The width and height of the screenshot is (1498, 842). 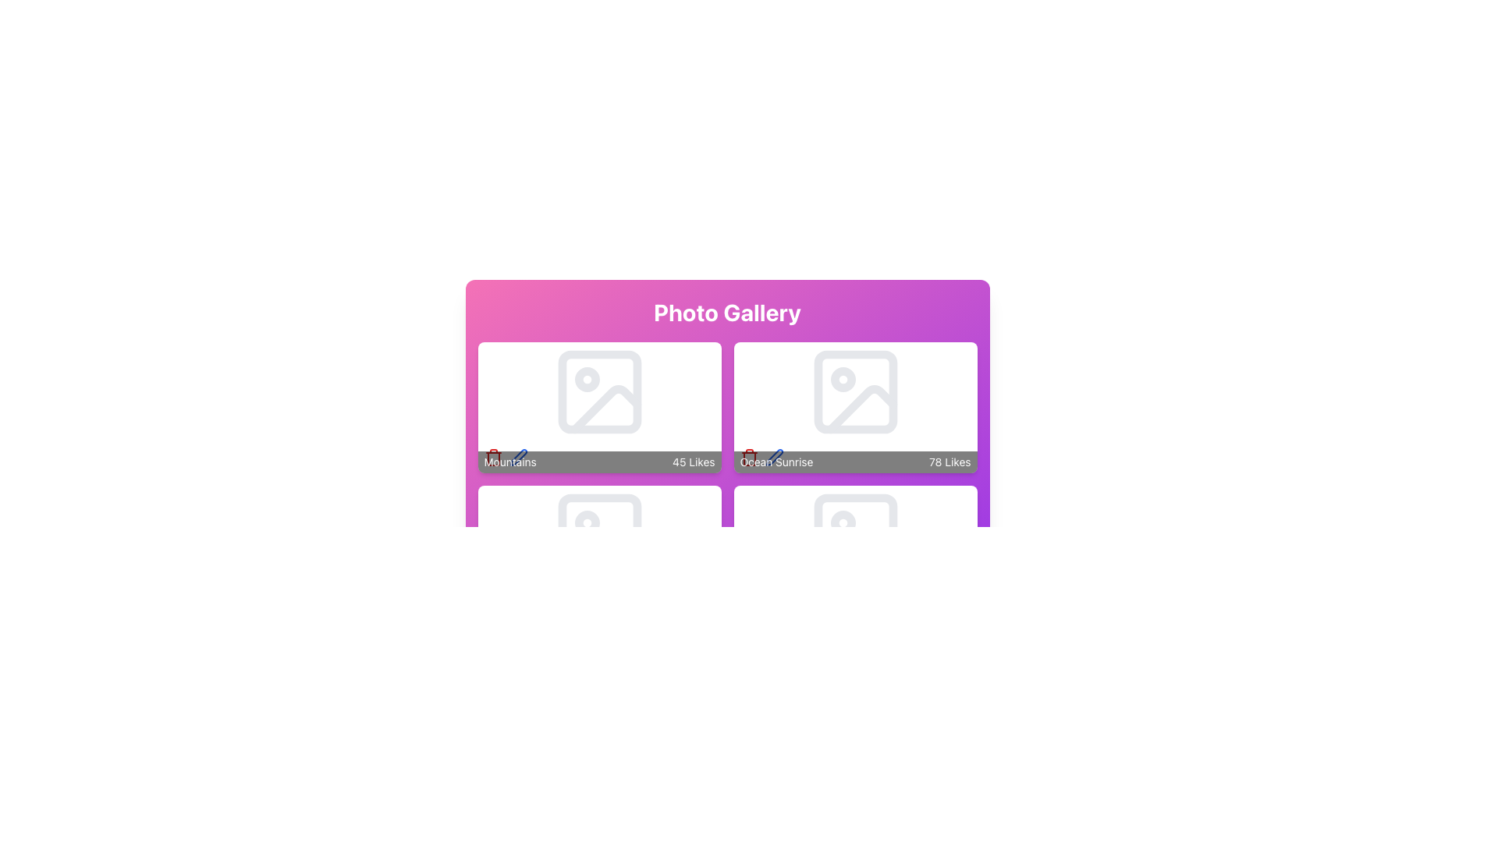 What do you see at coordinates (854, 391) in the screenshot?
I see `the rounded rectangular UI element that is part of the 'Ocean Sunrise' image placeholder in the 'Photo Gallery' section` at bounding box center [854, 391].